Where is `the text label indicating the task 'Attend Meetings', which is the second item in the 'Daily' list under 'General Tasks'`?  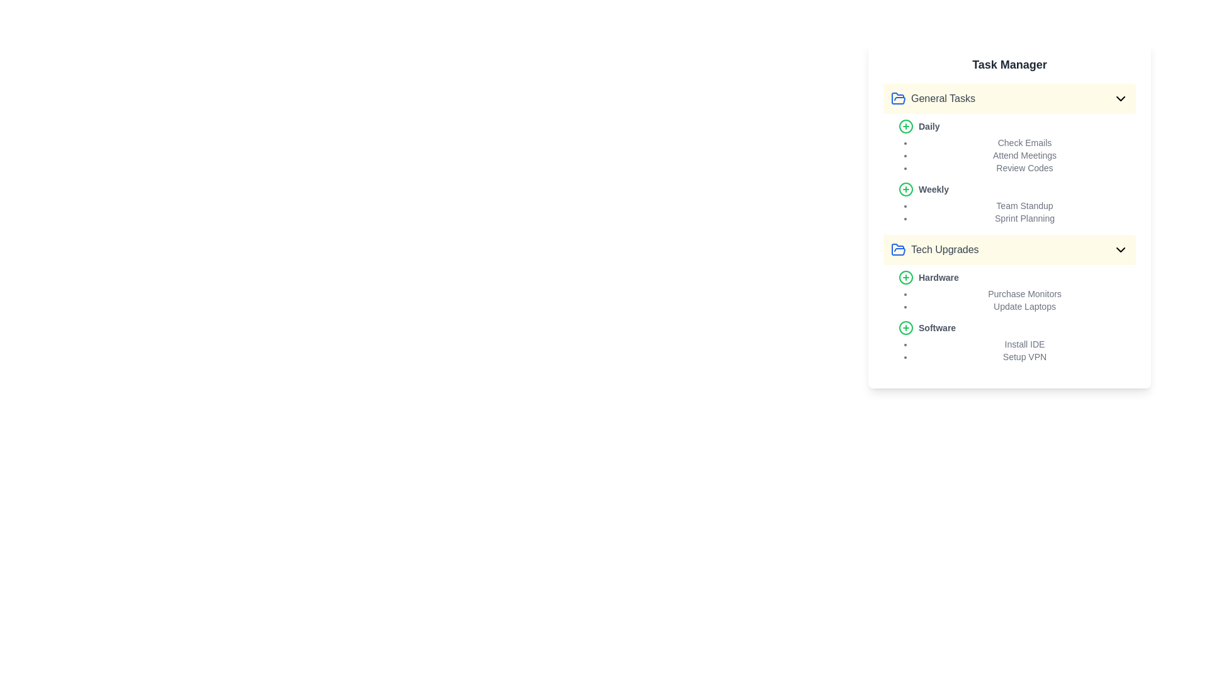 the text label indicating the task 'Attend Meetings', which is the second item in the 'Daily' list under 'General Tasks' is located at coordinates (1025, 154).